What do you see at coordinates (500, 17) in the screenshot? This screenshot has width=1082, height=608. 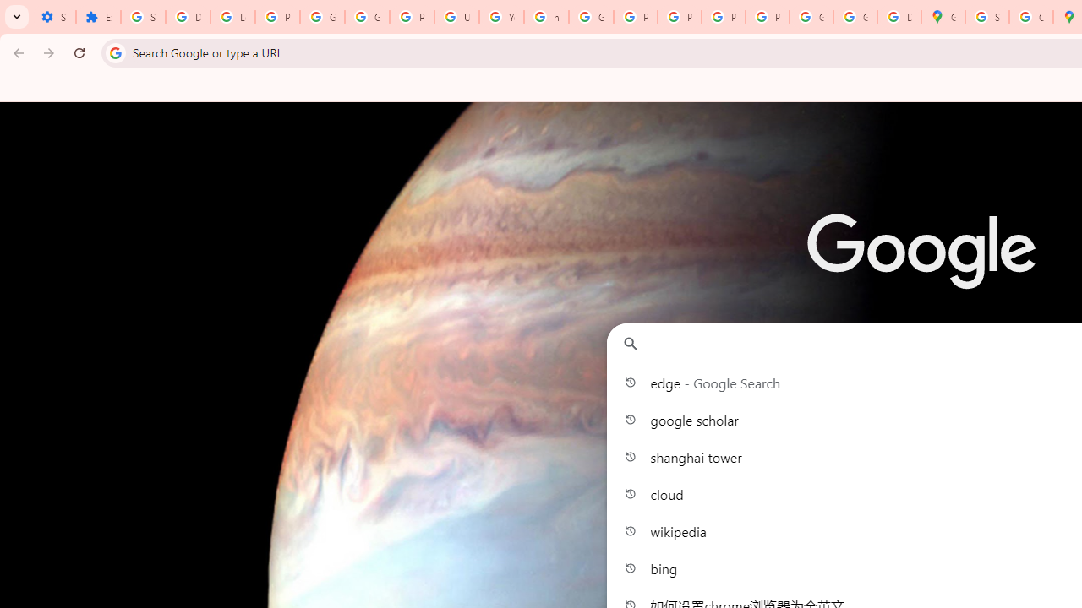 I see `'YouTube'` at bounding box center [500, 17].